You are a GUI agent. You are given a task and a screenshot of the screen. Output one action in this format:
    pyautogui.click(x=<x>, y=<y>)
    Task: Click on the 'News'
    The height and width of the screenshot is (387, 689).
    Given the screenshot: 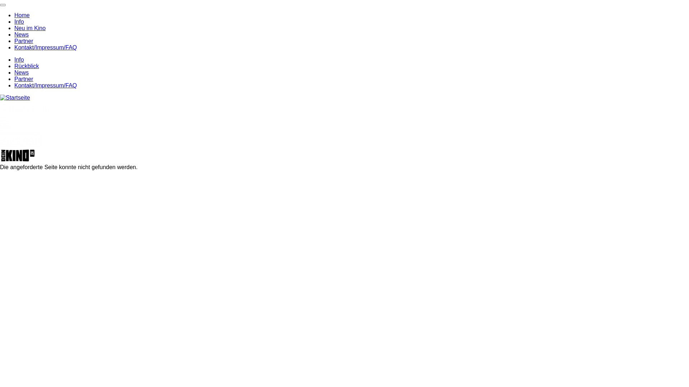 What is the action you would take?
    pyautogui.click(x=21, y=34)
    